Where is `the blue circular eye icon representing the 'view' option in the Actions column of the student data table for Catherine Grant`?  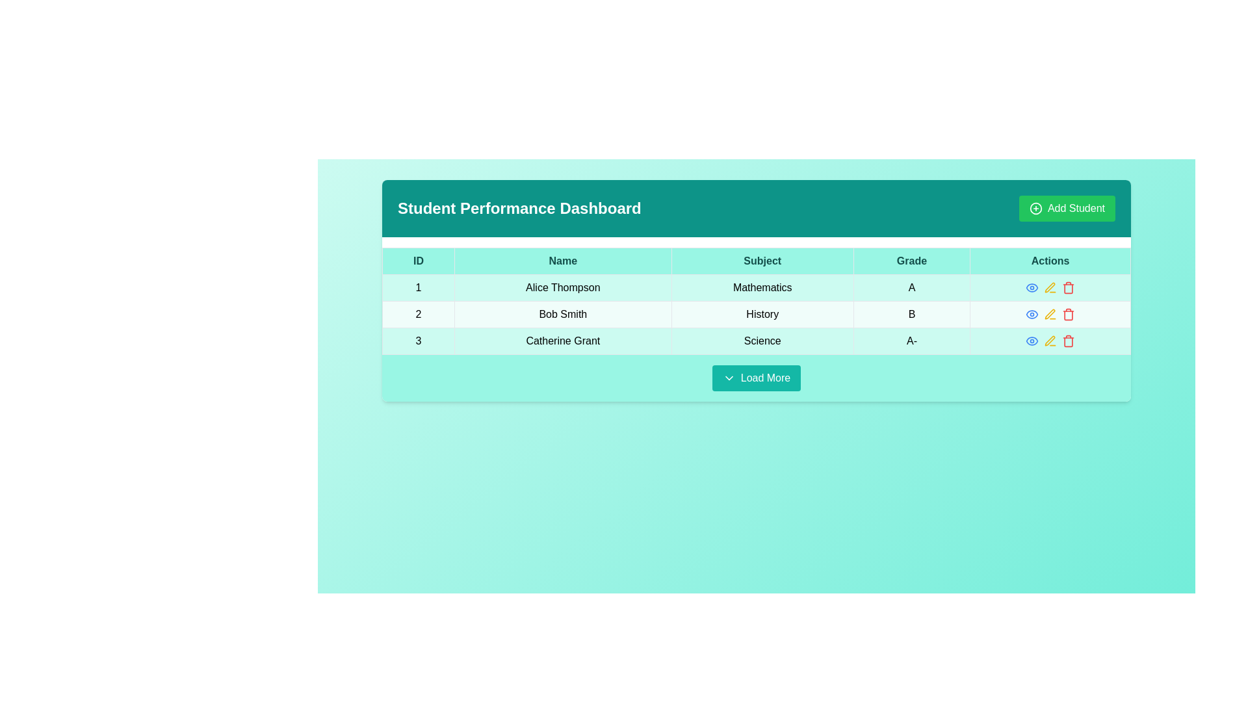
the blue circular eye icon representing the 'view' option in the Actions column of the student data table for Catherine Grant is located at coordinates (1032, 340).